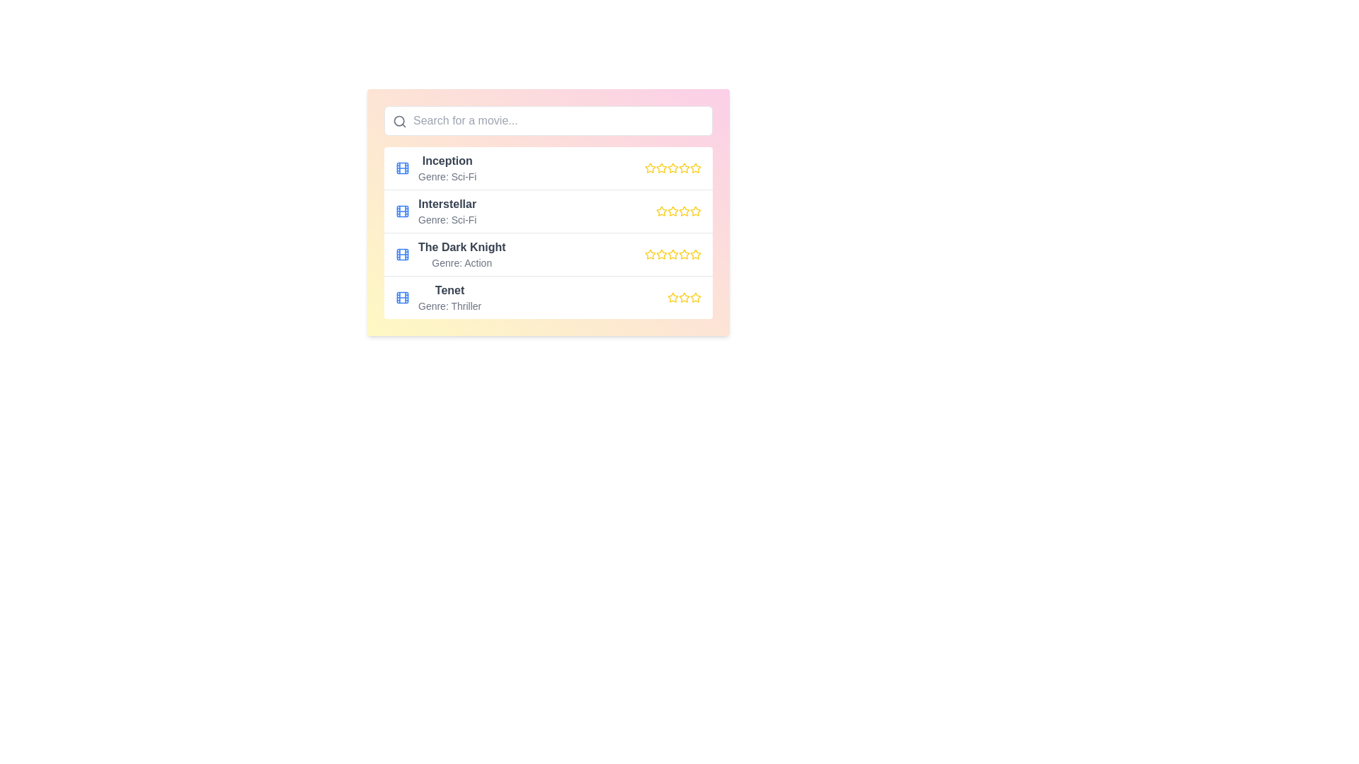  I want to click on the movie icon indicating 'Inception' located in the first row of the vertically stacked list, to the left of the text 'Inception' and 'Genre: Sci-Fi', so click(402, 168).